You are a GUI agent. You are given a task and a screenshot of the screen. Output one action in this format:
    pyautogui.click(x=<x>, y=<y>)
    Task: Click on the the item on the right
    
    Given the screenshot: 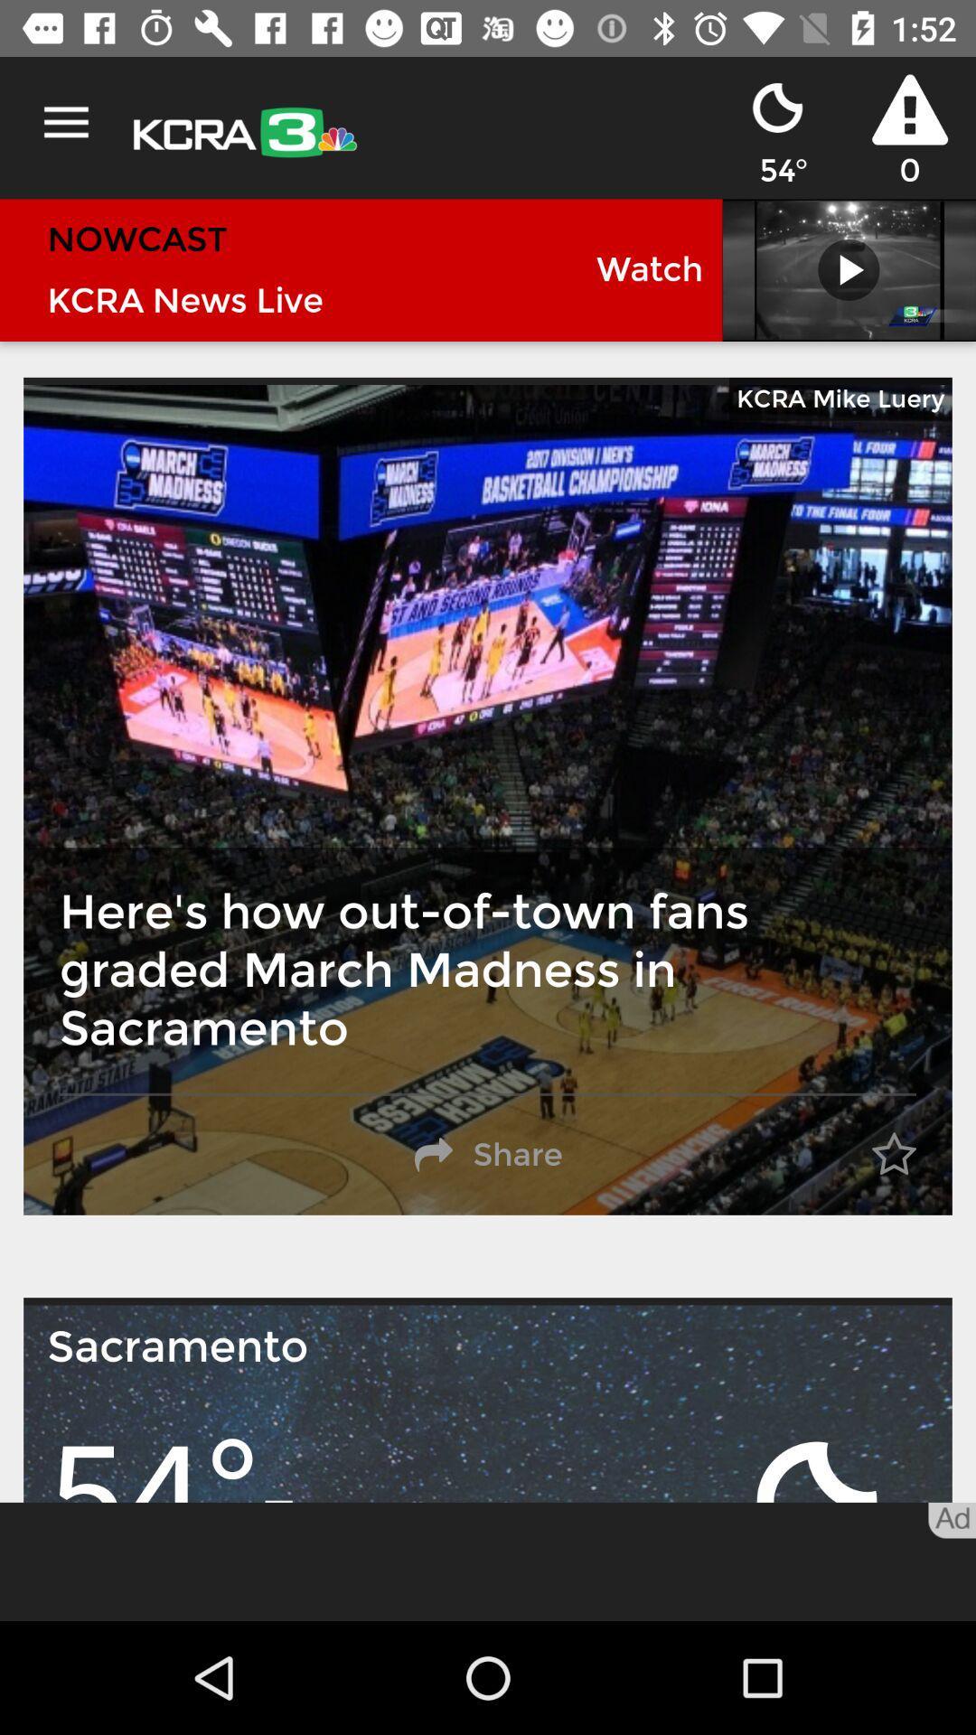 What is the action you would take?
    pyautogui.click(x=893, y=1154)
    